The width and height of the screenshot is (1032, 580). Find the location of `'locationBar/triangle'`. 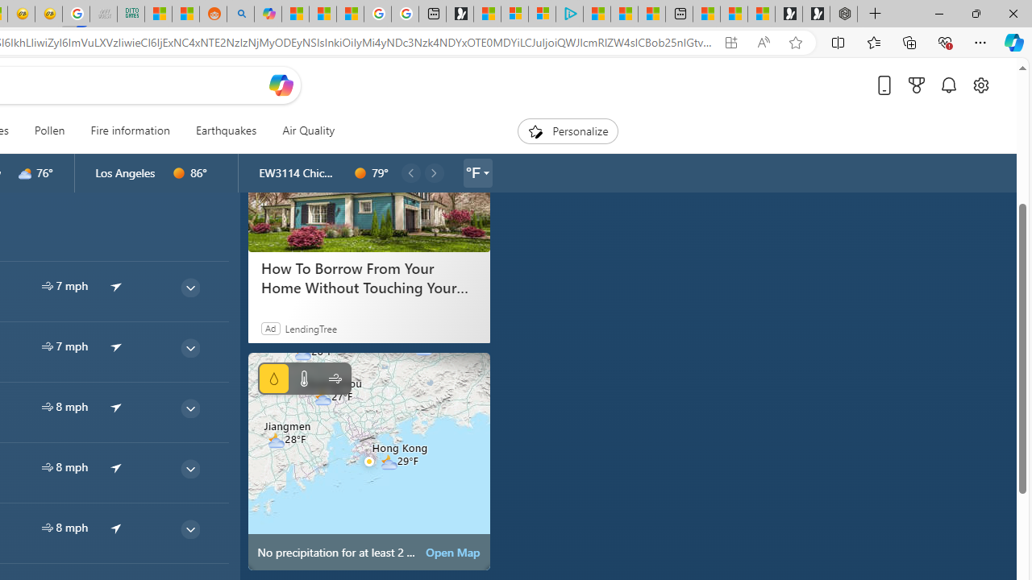

'locationBar/triangle' is located at coordinates (485, 172).